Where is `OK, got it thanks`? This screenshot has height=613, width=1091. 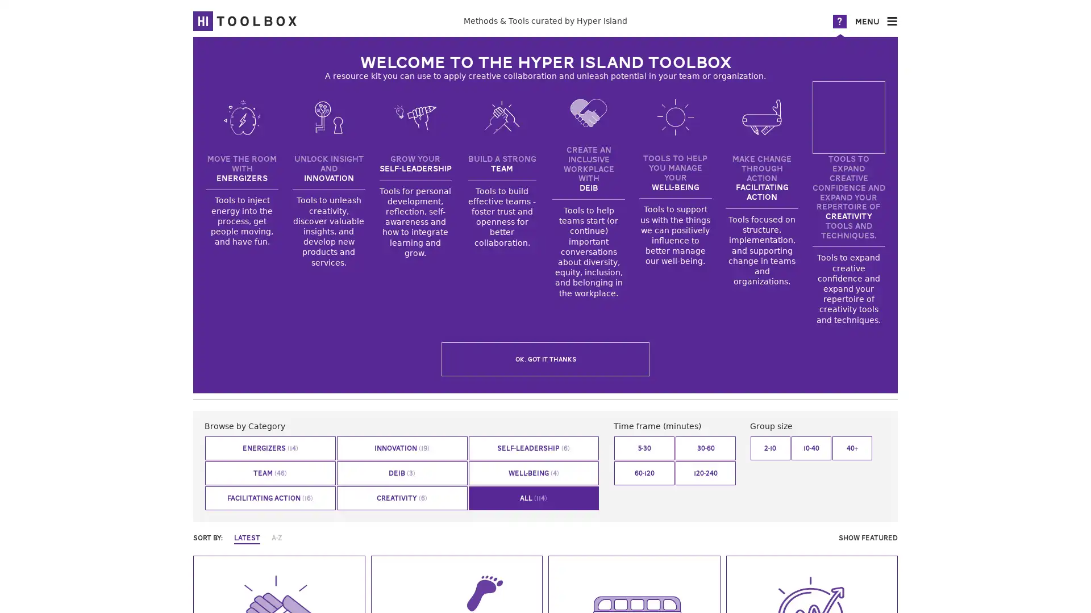 OK, got it thanks is located at coordinates (545, 359).